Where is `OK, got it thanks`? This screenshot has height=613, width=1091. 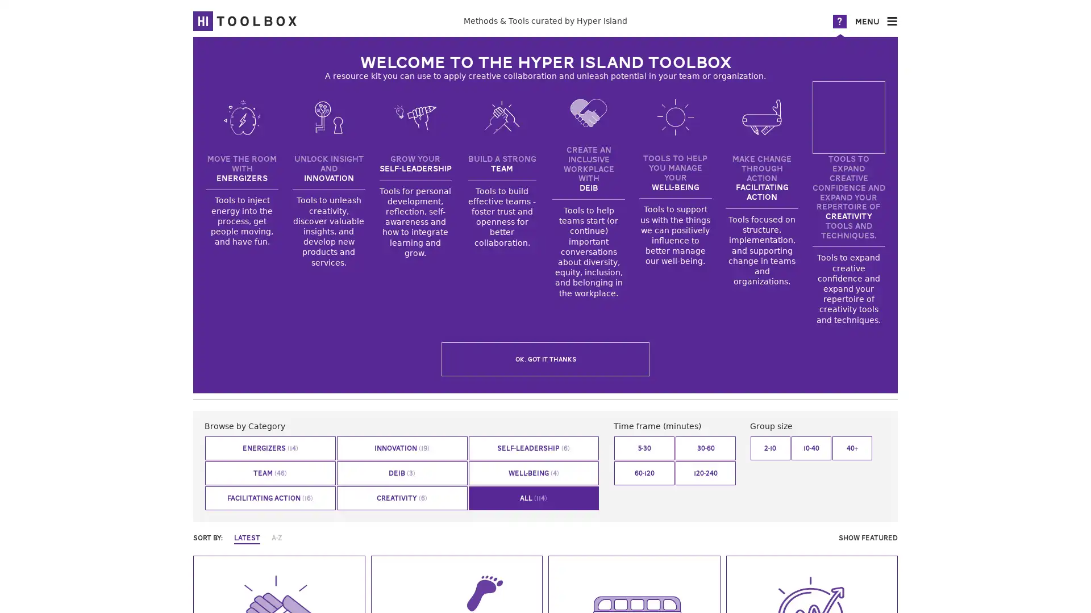 OK, got it thanks is located at coordinates (545, 359).